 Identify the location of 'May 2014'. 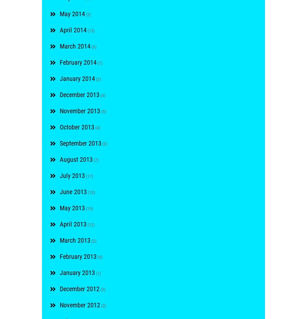
(59, 13).